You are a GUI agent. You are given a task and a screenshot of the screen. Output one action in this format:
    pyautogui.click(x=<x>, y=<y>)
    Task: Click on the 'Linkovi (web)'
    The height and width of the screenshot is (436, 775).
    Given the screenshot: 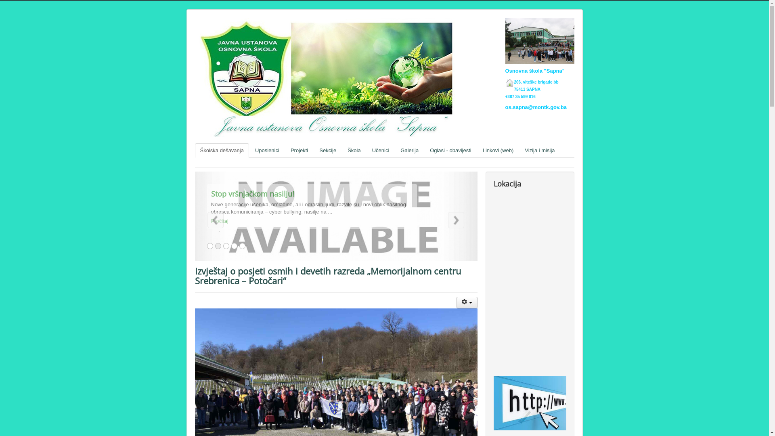 What is the action you would take?
    pyautogui.click(x=498, y=151)
    